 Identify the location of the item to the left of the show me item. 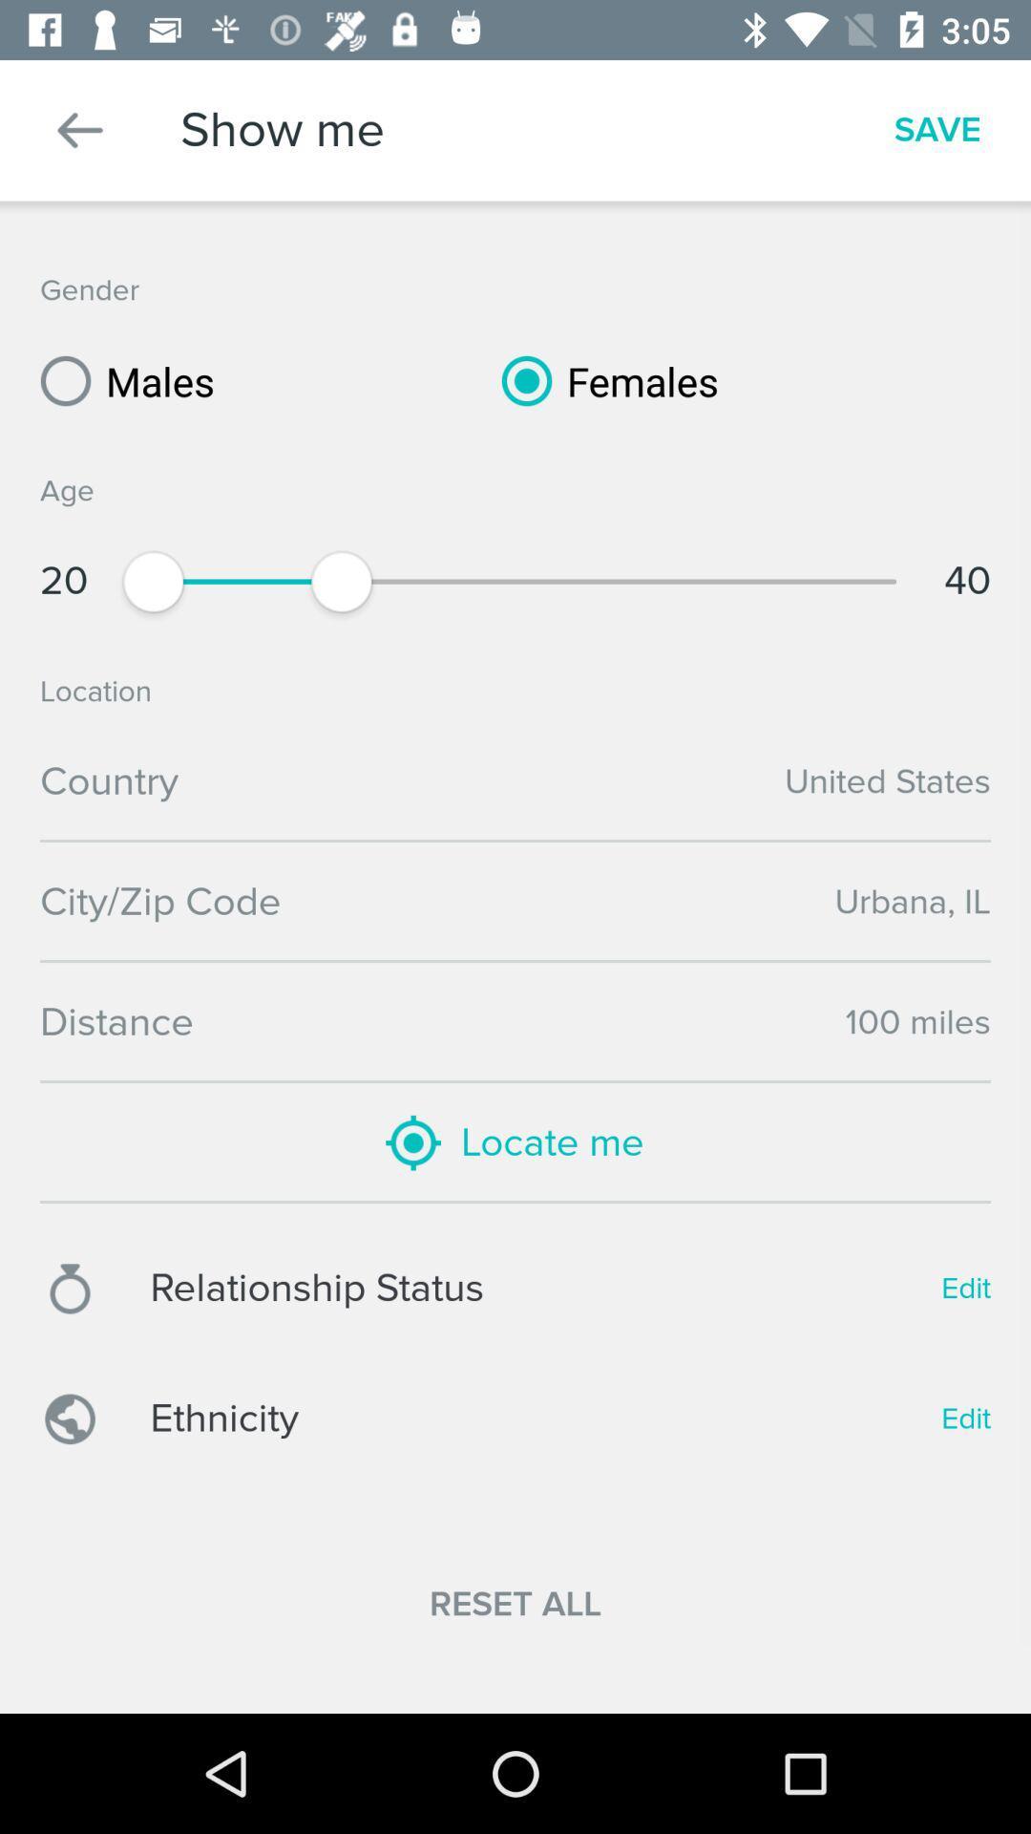
(79, 129).